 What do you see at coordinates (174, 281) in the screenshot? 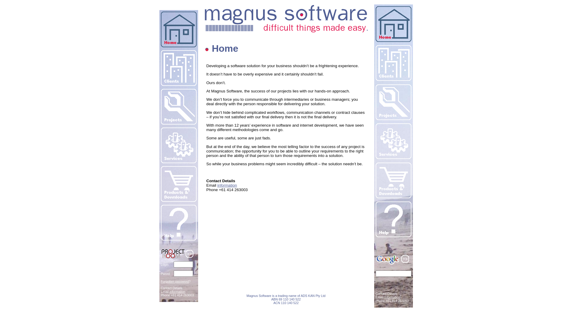
I see `'Forgotten password'` at bounding box center [174, 281].